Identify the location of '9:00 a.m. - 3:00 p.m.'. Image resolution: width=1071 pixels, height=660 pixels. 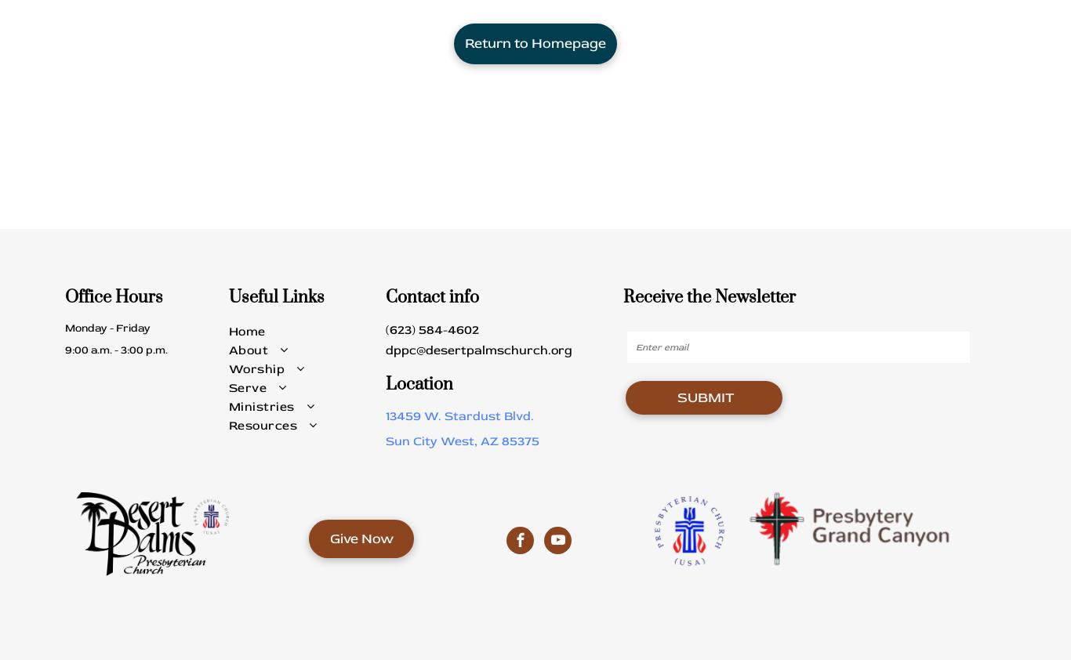
(115, 349).